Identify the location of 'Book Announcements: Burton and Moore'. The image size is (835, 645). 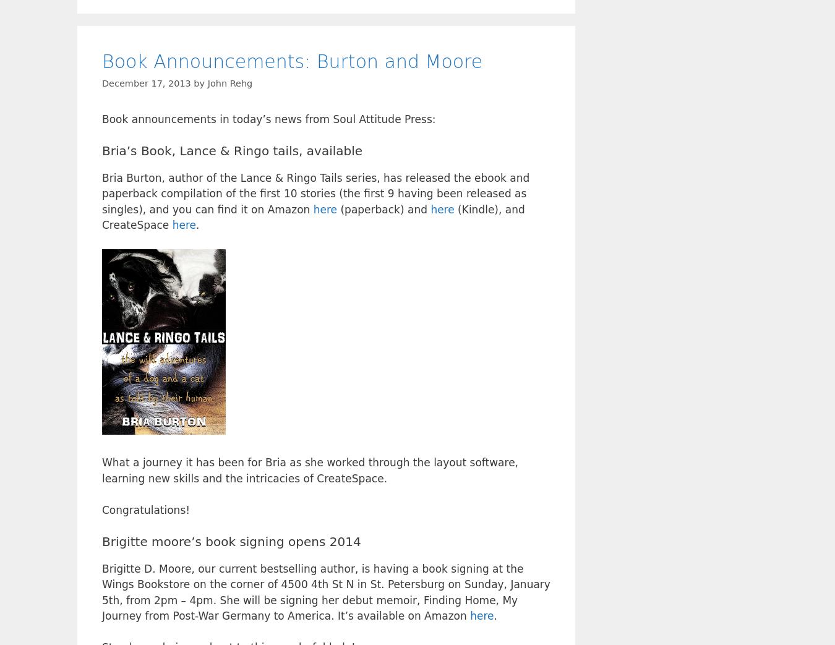
(291, 61).